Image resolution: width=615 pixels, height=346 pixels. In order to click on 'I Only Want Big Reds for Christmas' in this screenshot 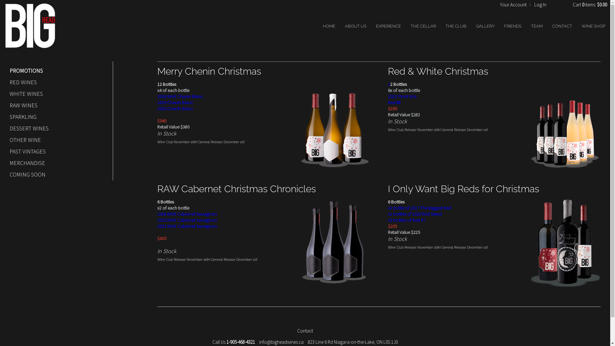, I will do `click(463, 188)`.